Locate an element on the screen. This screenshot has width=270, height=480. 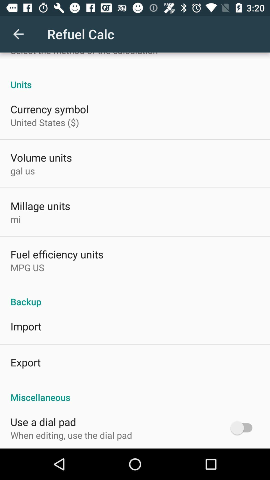
the item next to the refuel calc is located at coordinates (18, 34).